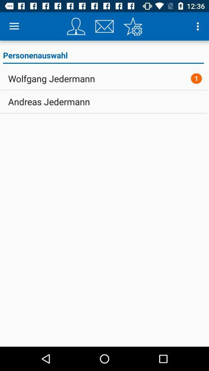 The height and width of the screenshot is (371, 209). Describe the element at coordinates (51, 78) in the screenshot. I see `icon below the personenauswahl icon` at that location.